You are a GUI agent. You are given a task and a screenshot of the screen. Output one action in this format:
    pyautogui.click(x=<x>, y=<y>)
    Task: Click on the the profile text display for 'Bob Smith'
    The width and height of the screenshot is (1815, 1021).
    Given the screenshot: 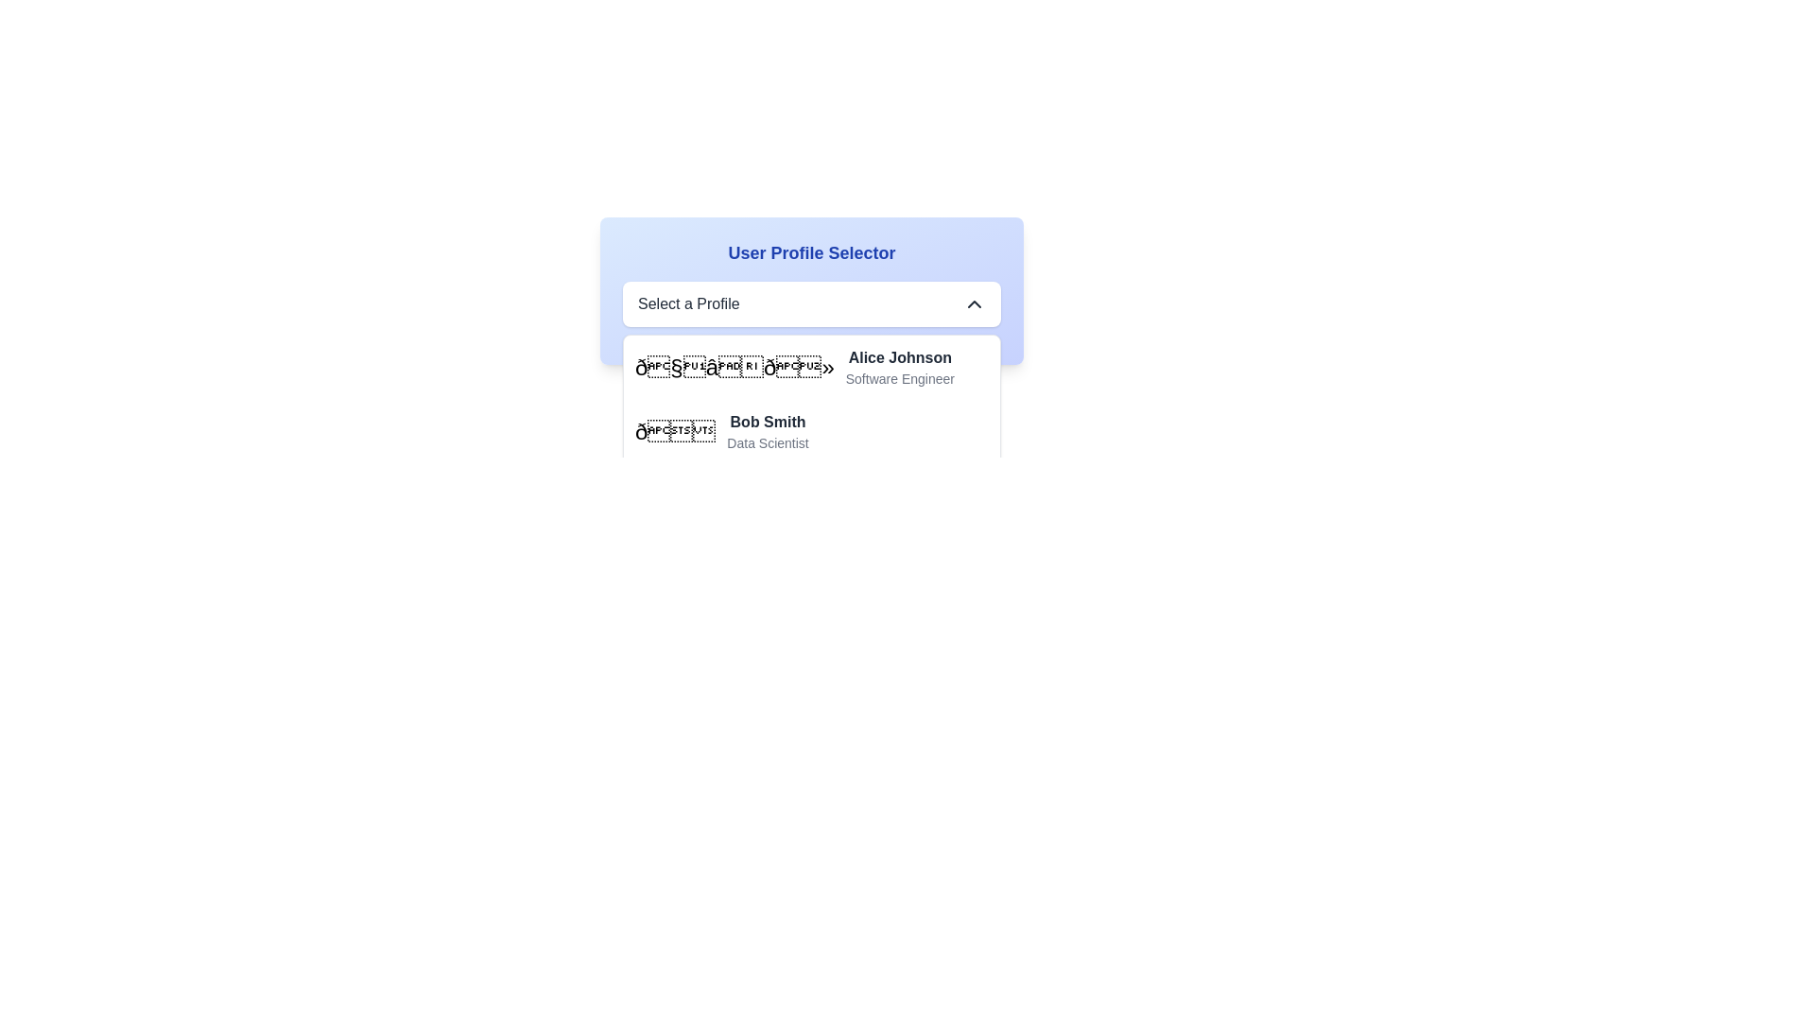 What is the action you would take?
    pyautogui.click(x=768, y=431)
    